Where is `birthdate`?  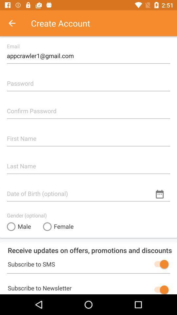
birthdate is located at coordinates (88, 191).